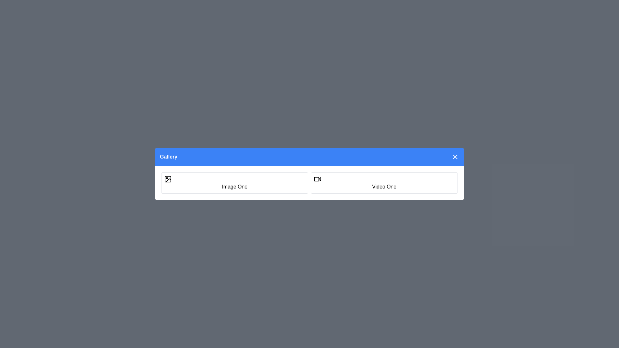 Image resolution: width=619 pixels, height=348 pixels. Describe the element at coordinates (234, 183) in the screenshot. I see `the button representing an image or gallery-related feature, located in the left section of a horizontally arranged group, for keyboard navigation` at that location.